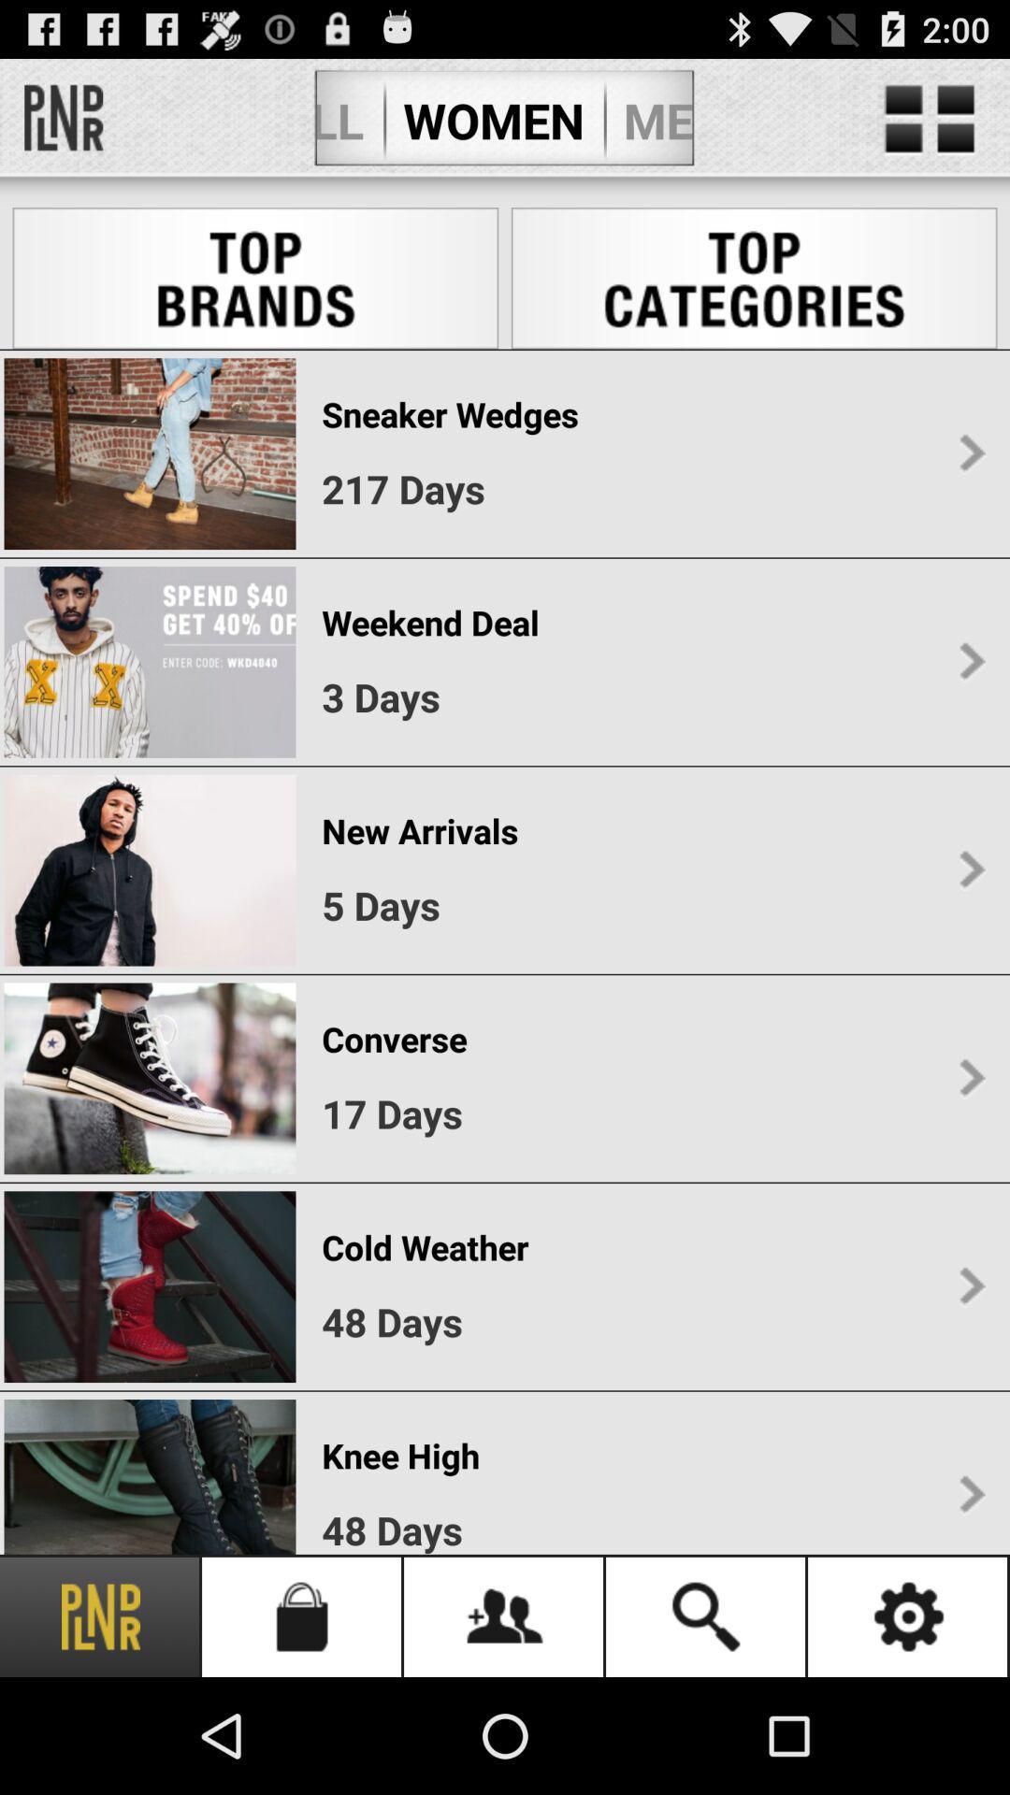 This screenshot has height=1795, width=1010. Describe the element at coordinates (930, 127) in the screenshot. I see `the dashboard icon` at that location.